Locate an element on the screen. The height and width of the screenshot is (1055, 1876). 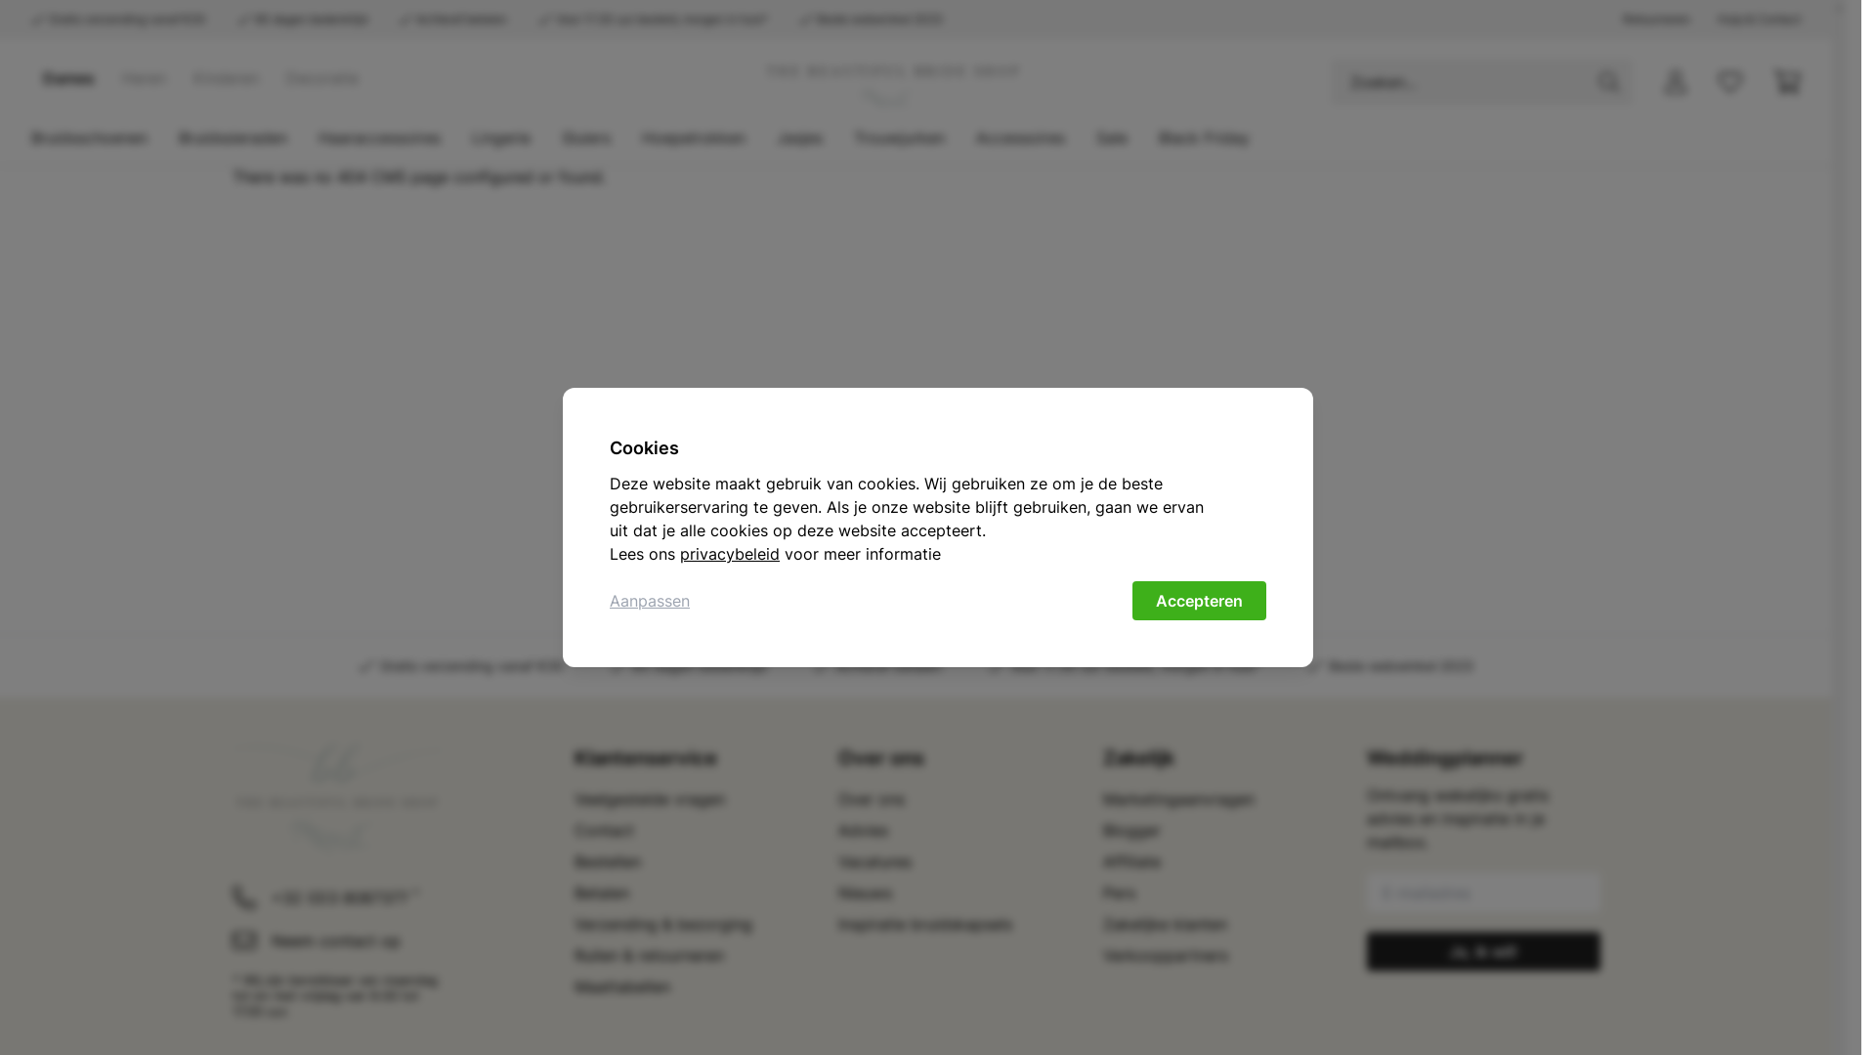
'Decoratie' is located at coordinates (322, 77).